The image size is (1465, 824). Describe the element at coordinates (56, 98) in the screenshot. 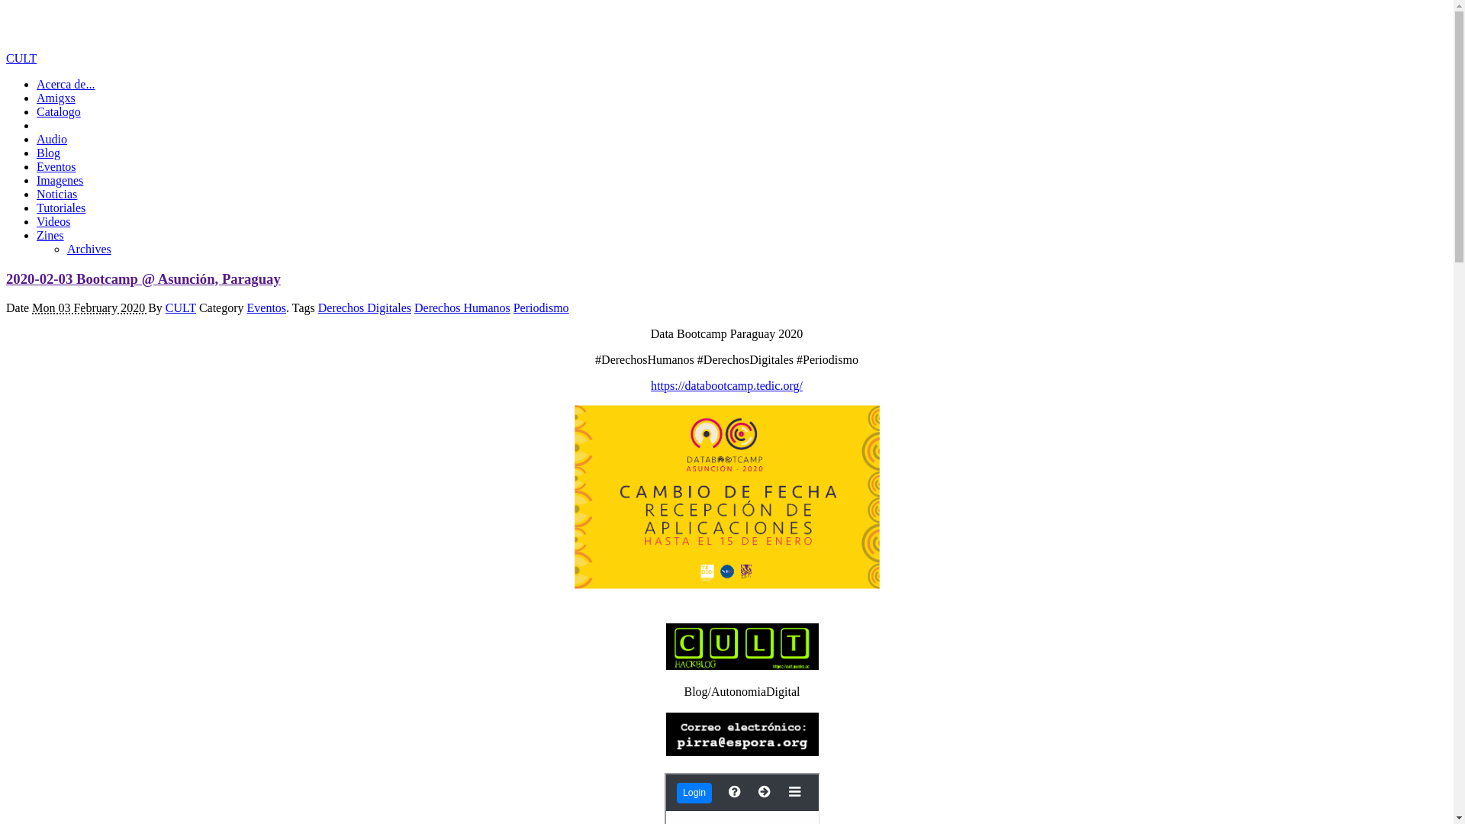

I see `'Amigxs'` at that location.